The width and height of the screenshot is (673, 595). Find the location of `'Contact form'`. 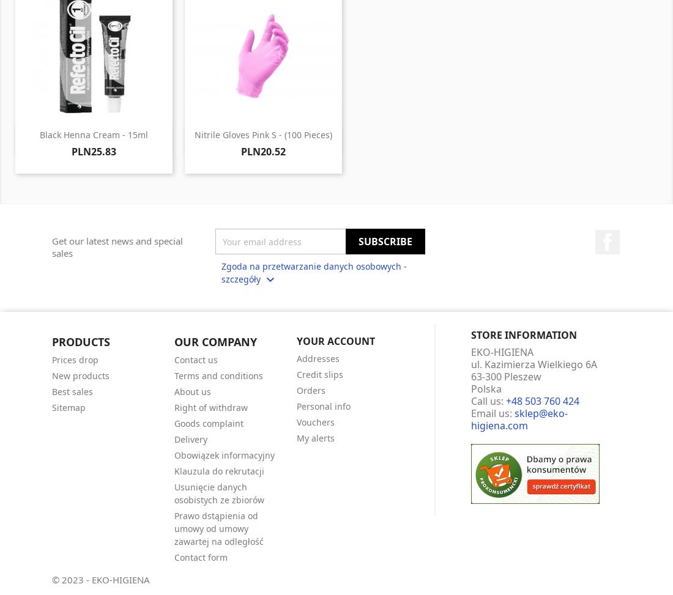

'Contact form' is located at coordinates (174, 556).